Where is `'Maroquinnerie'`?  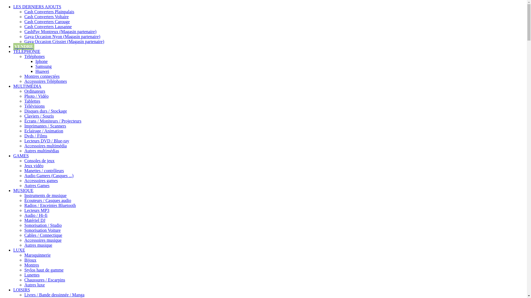 'Maroquinnerie' is located at coordinates (24, 255).